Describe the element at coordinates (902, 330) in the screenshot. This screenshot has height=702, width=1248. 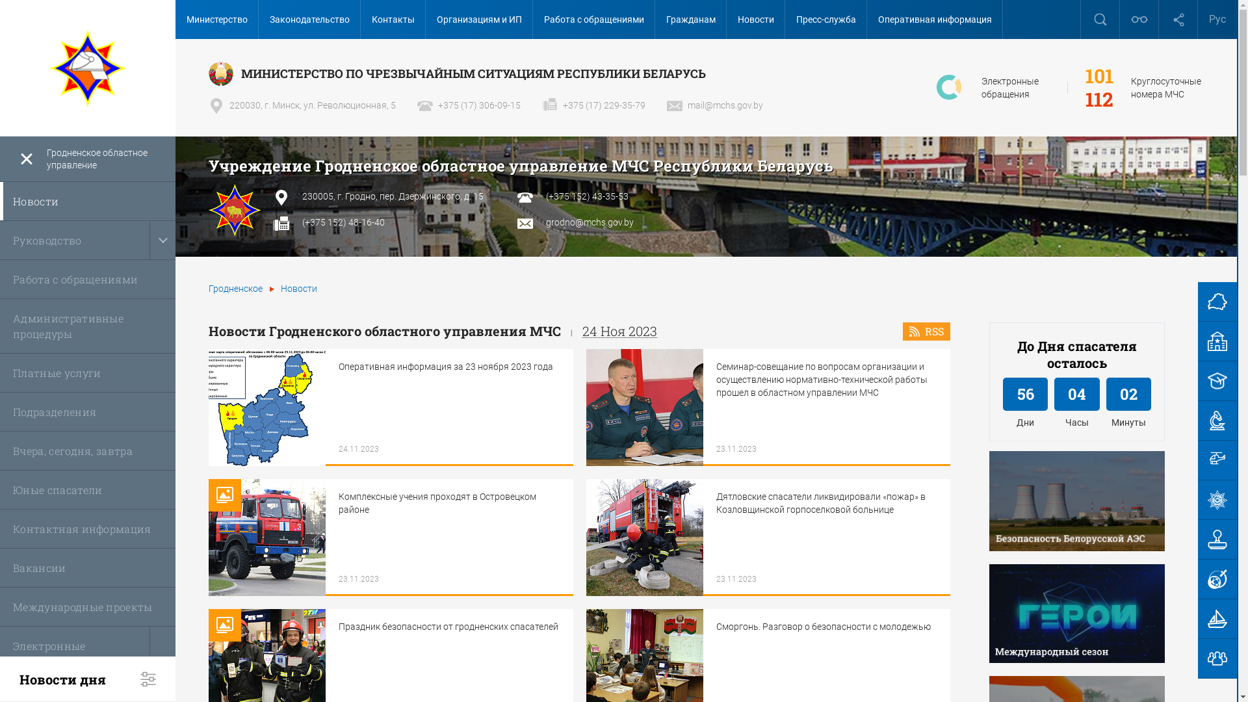
I see `'RSS'` at that location.